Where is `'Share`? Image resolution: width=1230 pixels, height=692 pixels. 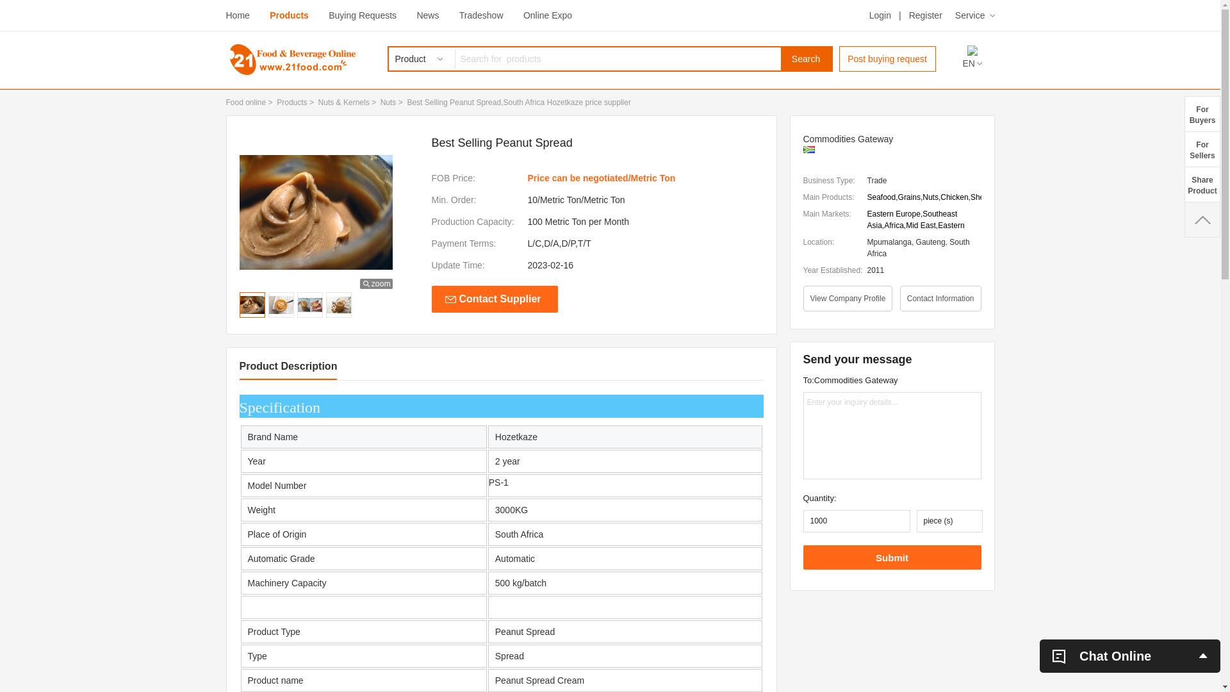
'Share is located at coordinates (1183, 184).